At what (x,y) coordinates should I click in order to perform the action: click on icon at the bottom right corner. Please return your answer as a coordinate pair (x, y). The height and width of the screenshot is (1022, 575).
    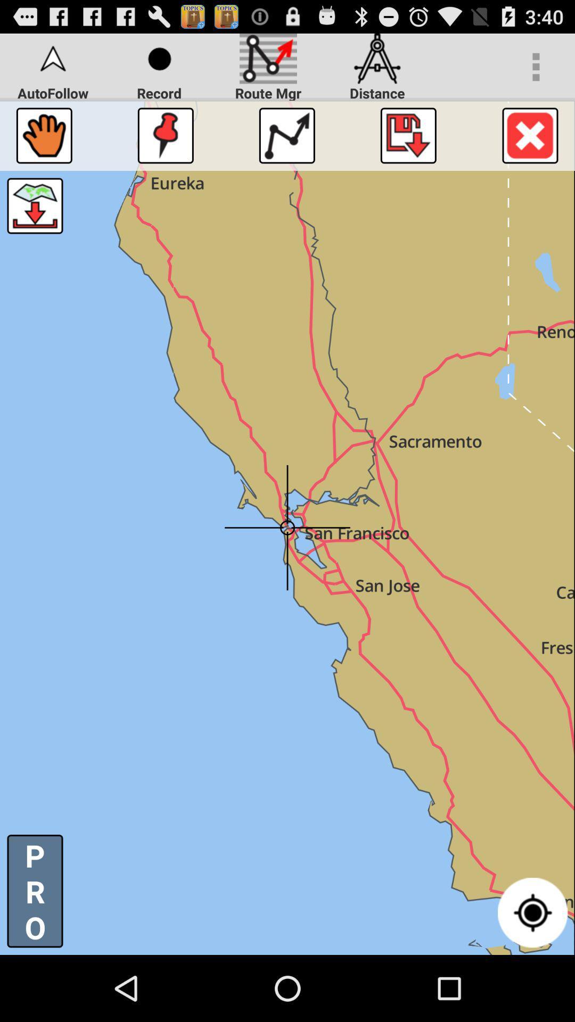
    Looking at the image, I should click on (532, 912).